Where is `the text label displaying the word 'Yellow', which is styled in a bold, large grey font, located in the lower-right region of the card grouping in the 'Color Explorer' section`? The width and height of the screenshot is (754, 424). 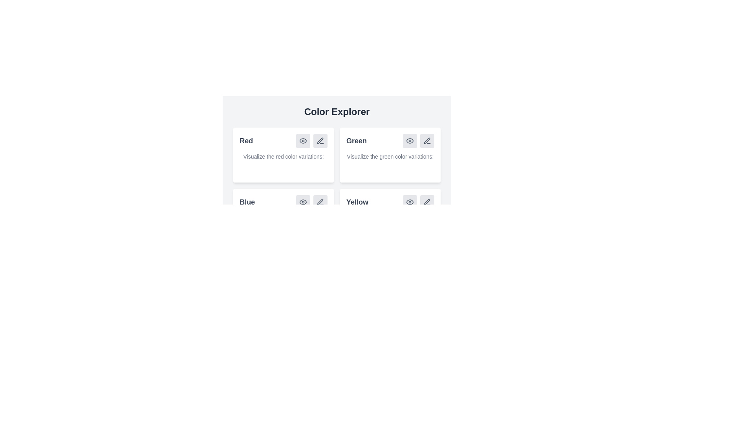
the text label displaying the word 'Yellow', which is styled in a bold, large grey font, located in the lower-right region of the card grouping in the 'Color Explorer' section is located at coordinates (357, 202).